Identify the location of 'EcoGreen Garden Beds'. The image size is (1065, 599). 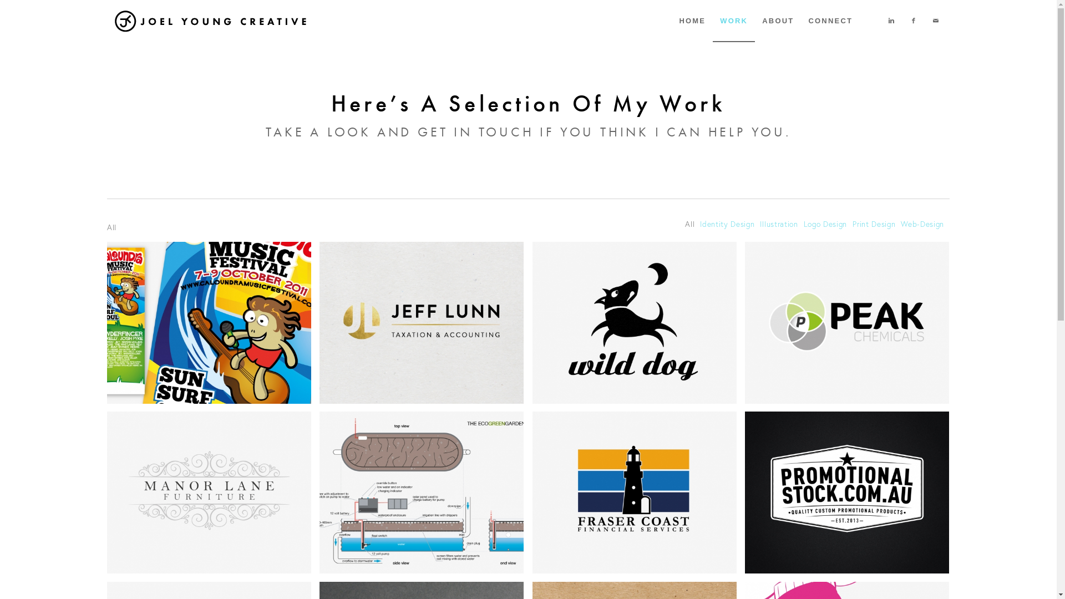
(421, 491).